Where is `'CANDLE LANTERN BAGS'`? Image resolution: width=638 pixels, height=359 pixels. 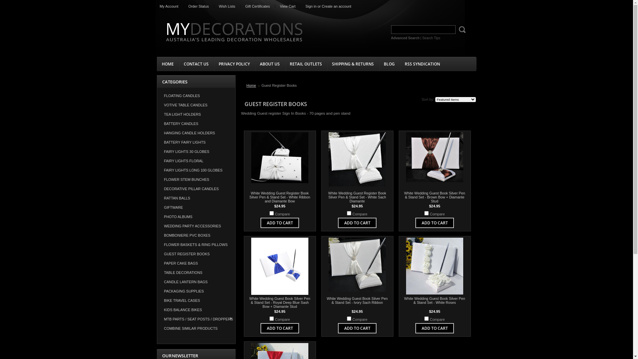 'CANDLE LANTERN BAGS' is located at coordinates (196, 282).